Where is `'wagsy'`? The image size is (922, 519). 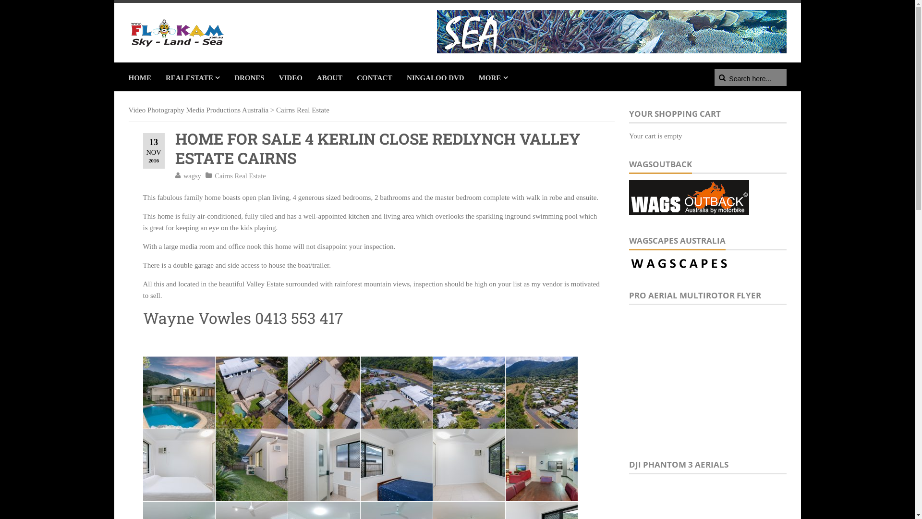
'wagsy' is located at coordinates (192, 176).